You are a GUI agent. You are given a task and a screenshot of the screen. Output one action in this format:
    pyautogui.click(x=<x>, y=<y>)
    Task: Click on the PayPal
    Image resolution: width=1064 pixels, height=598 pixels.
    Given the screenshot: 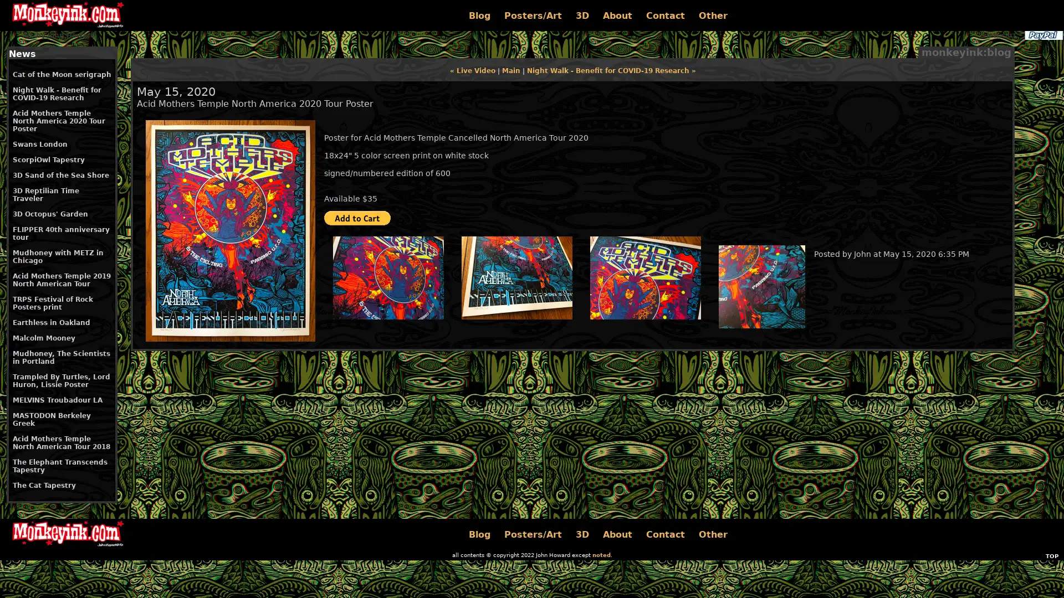 What is the action you would take?
    pyautogui.click(x=1042, y=35)
    